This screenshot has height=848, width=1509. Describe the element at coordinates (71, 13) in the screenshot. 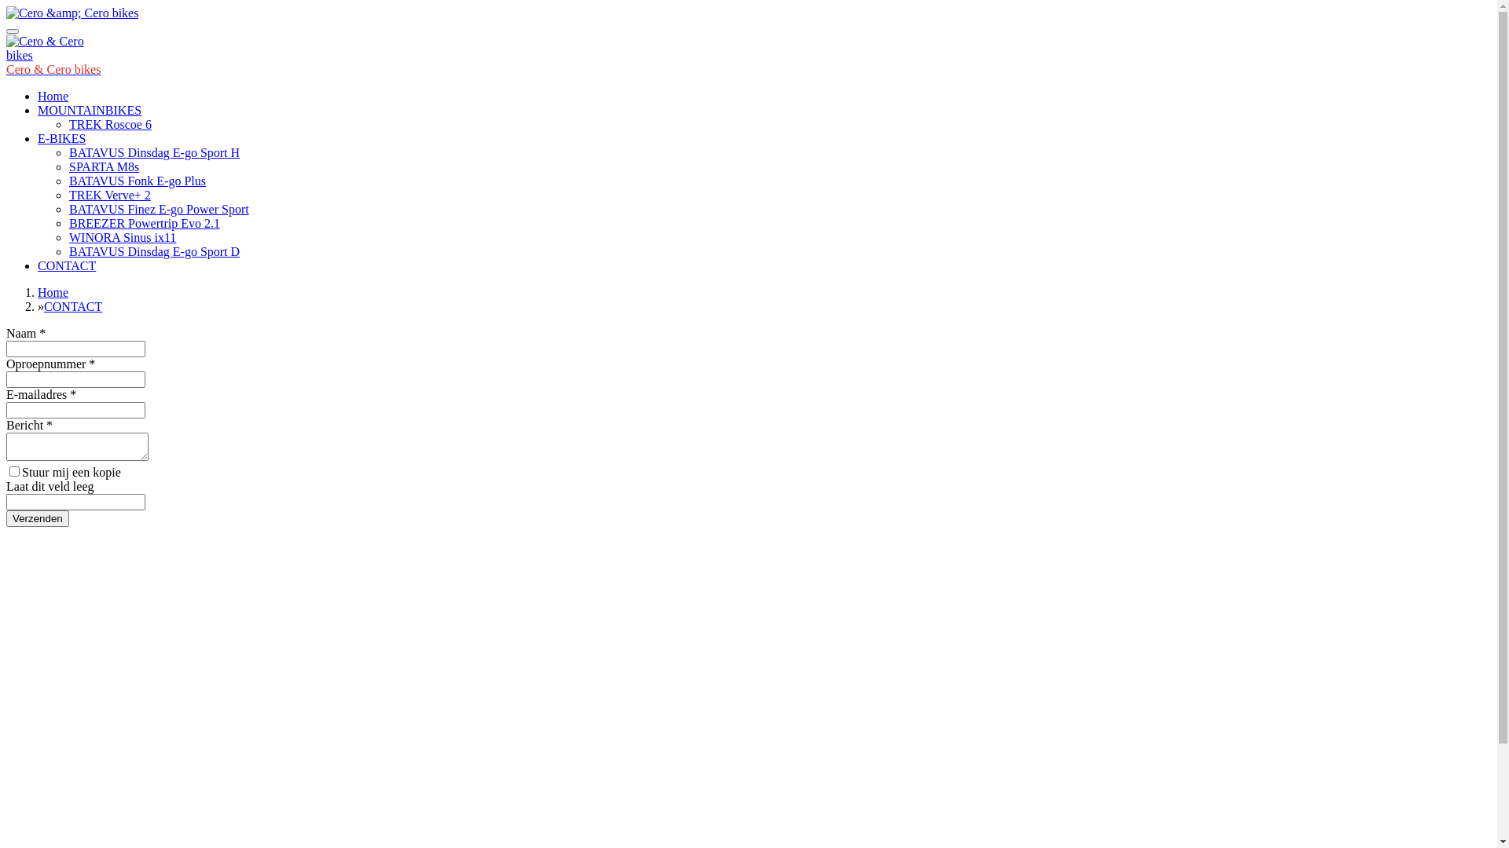

I see `'Cero &amp; Cero bikes'` at that location.